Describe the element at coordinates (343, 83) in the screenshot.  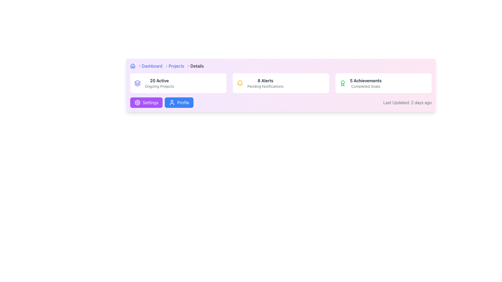
I see `the green award ribbon icon located in the top-left section of the rightmost card, adjacent to the '5 Achievements' and 'Completed Goals' text` at that location.